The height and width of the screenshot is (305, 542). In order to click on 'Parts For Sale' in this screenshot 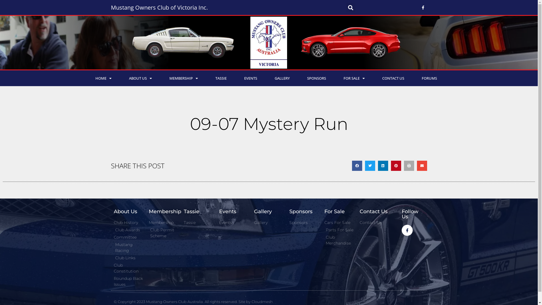, I will do `click(339, 230)`.